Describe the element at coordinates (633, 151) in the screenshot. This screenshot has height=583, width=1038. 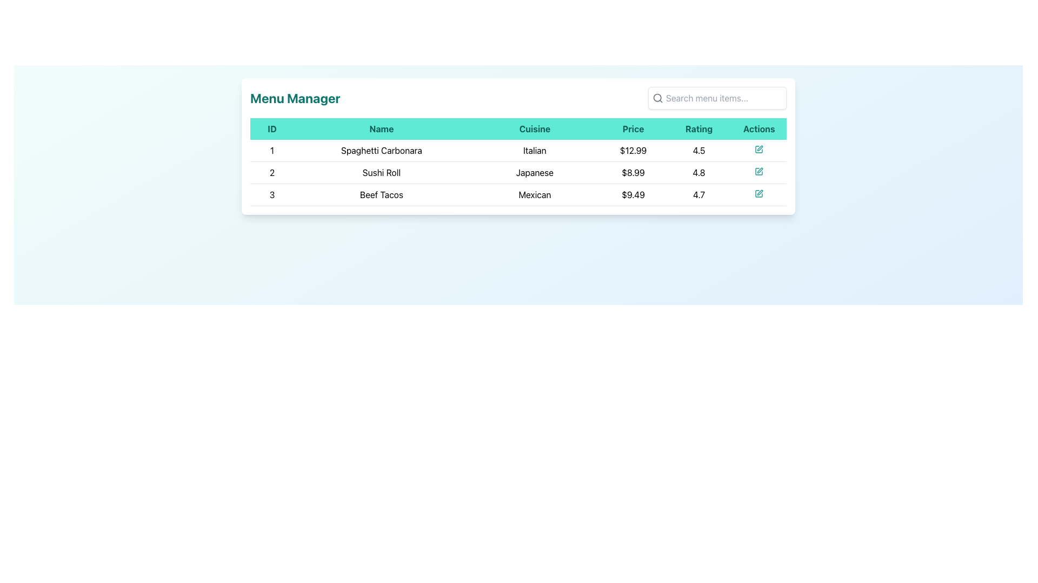
I see `the static text label displaying the price of 'Spaghetti Carbonara' located in the fourth column of the first row of the table, adjacent to 'Italian' and '4.5'` at that location.